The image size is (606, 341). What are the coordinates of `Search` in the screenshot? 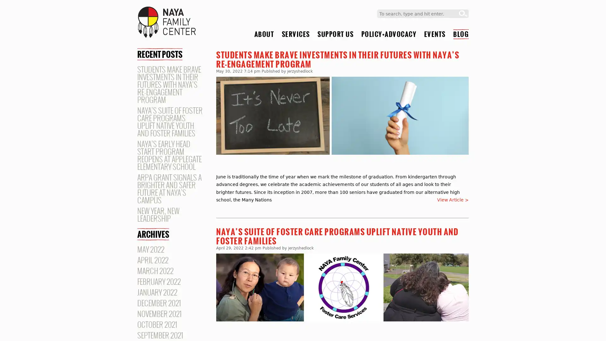 It's located at (463, 14).